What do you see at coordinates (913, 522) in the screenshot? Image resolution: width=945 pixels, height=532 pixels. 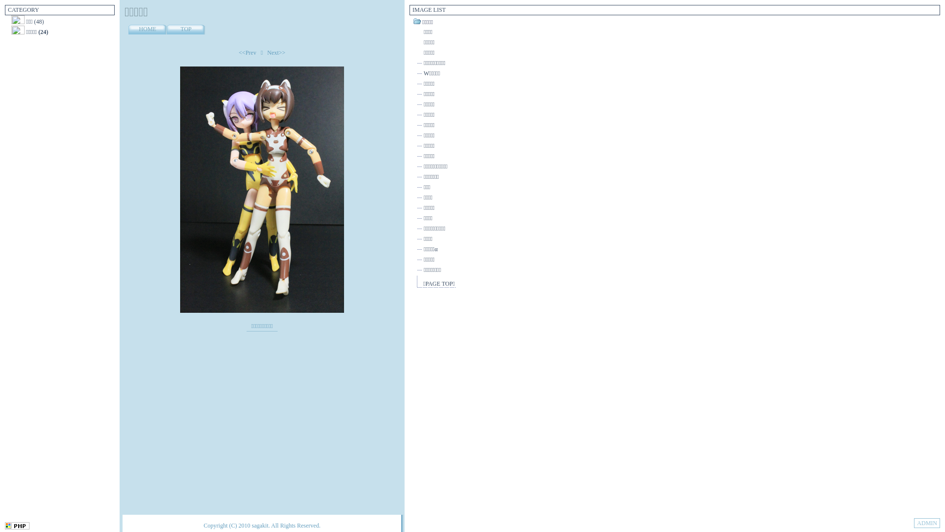 I see `'ADMIN'` at bounding box center [913, 522].